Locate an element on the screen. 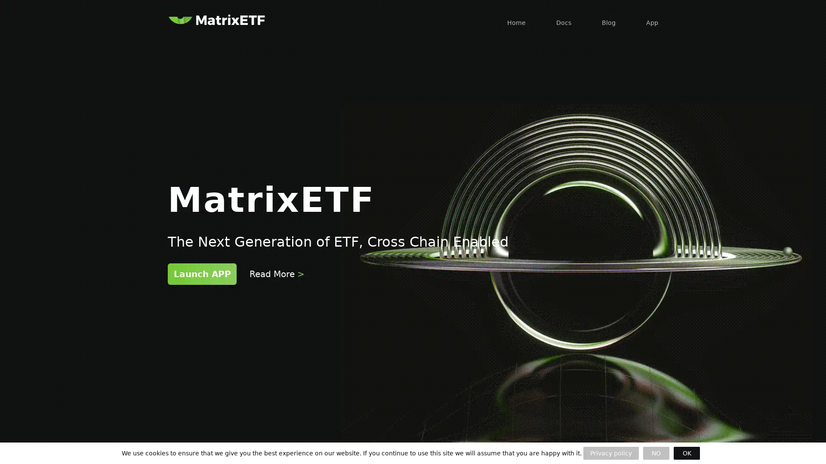 Image resolution: width=826 pixels, height=464 pixels. OK is located at coordinates (686, 453).